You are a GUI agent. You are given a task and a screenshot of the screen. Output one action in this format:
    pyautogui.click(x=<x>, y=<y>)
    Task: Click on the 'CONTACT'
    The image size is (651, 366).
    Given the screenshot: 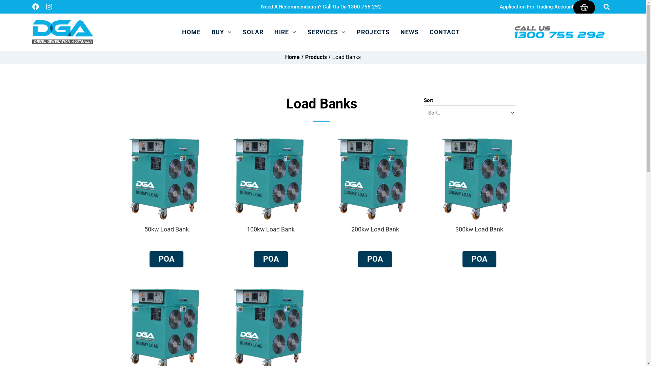 What is the action you would take?
    pyautogui.click(x=445, y=32)
    